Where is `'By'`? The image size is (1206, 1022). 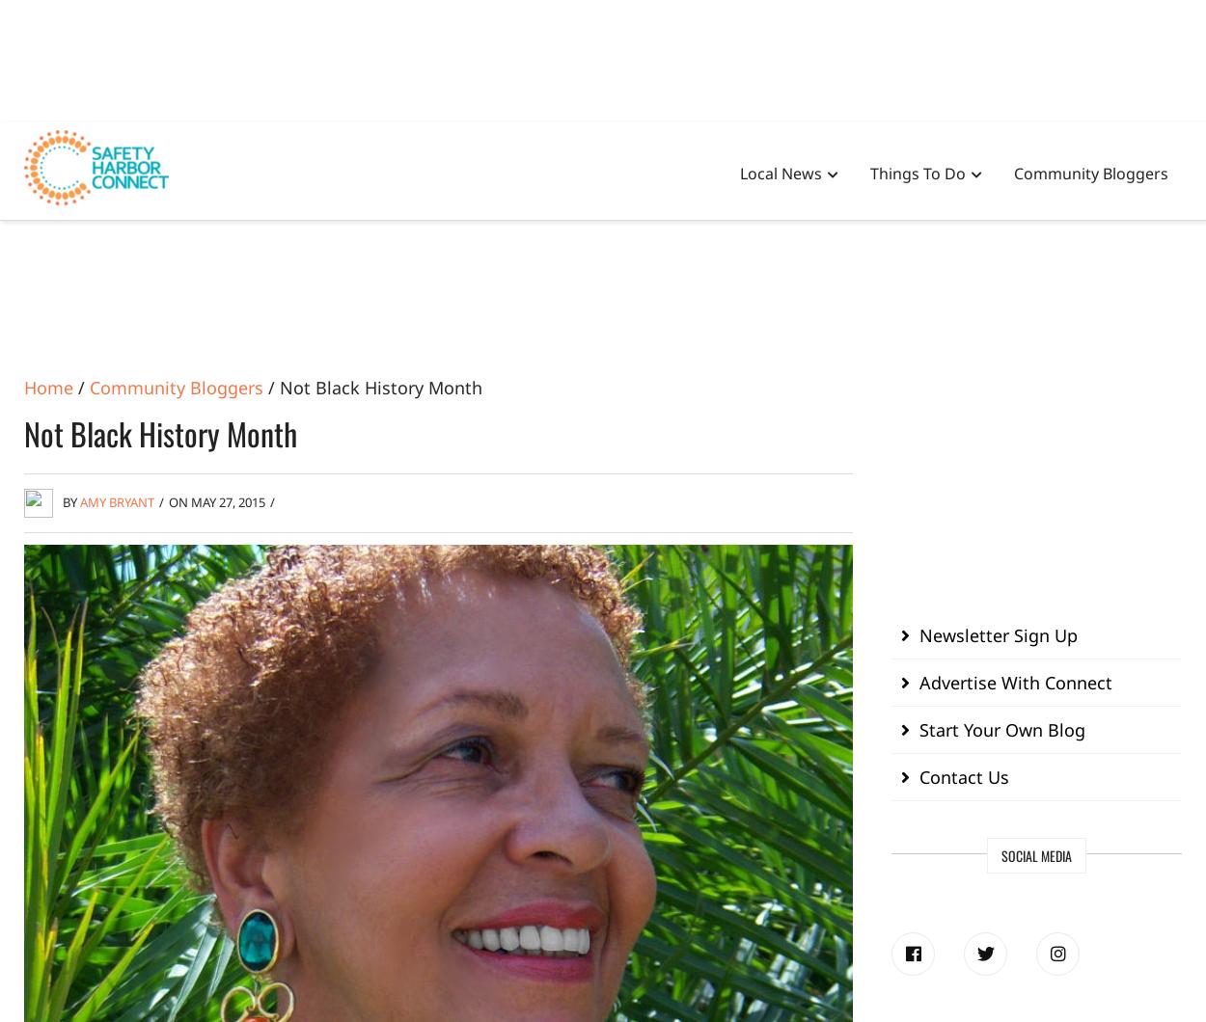 'By' is located at coordinates (70, 500).